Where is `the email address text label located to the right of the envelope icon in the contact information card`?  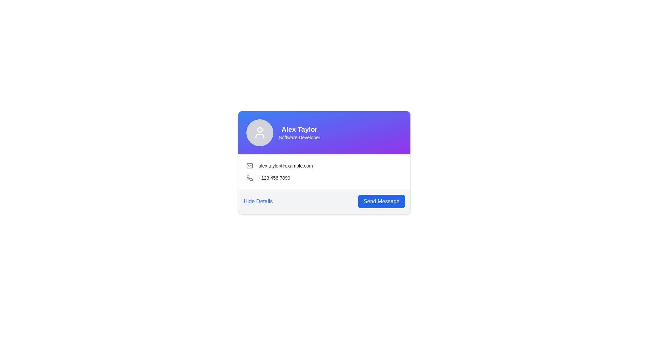 the email address text label located to the right of the envelope icon in the contact information card is located at coordinates (286, 166).